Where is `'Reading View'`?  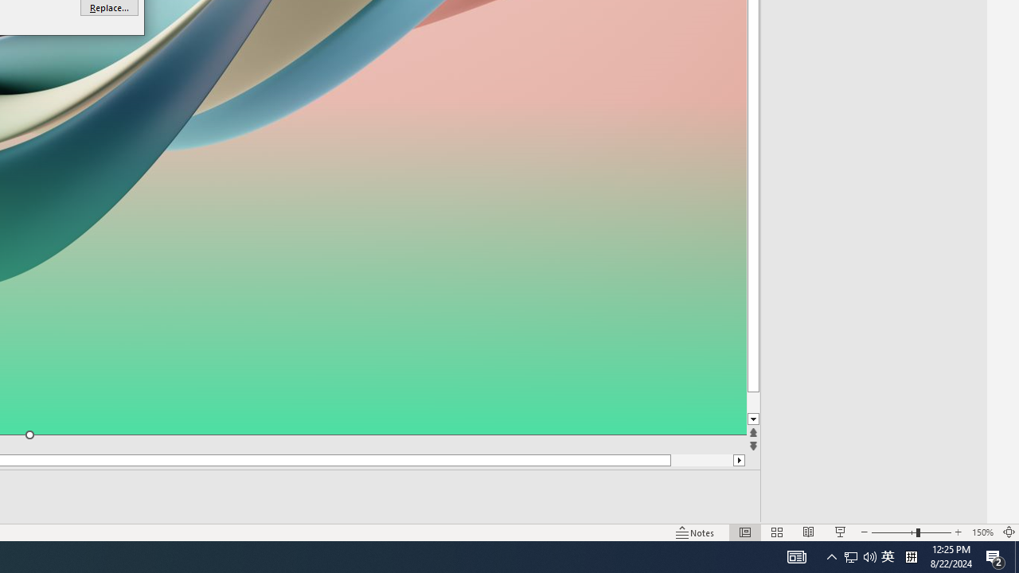 'Reading View' is located at coordinates (808, 532).